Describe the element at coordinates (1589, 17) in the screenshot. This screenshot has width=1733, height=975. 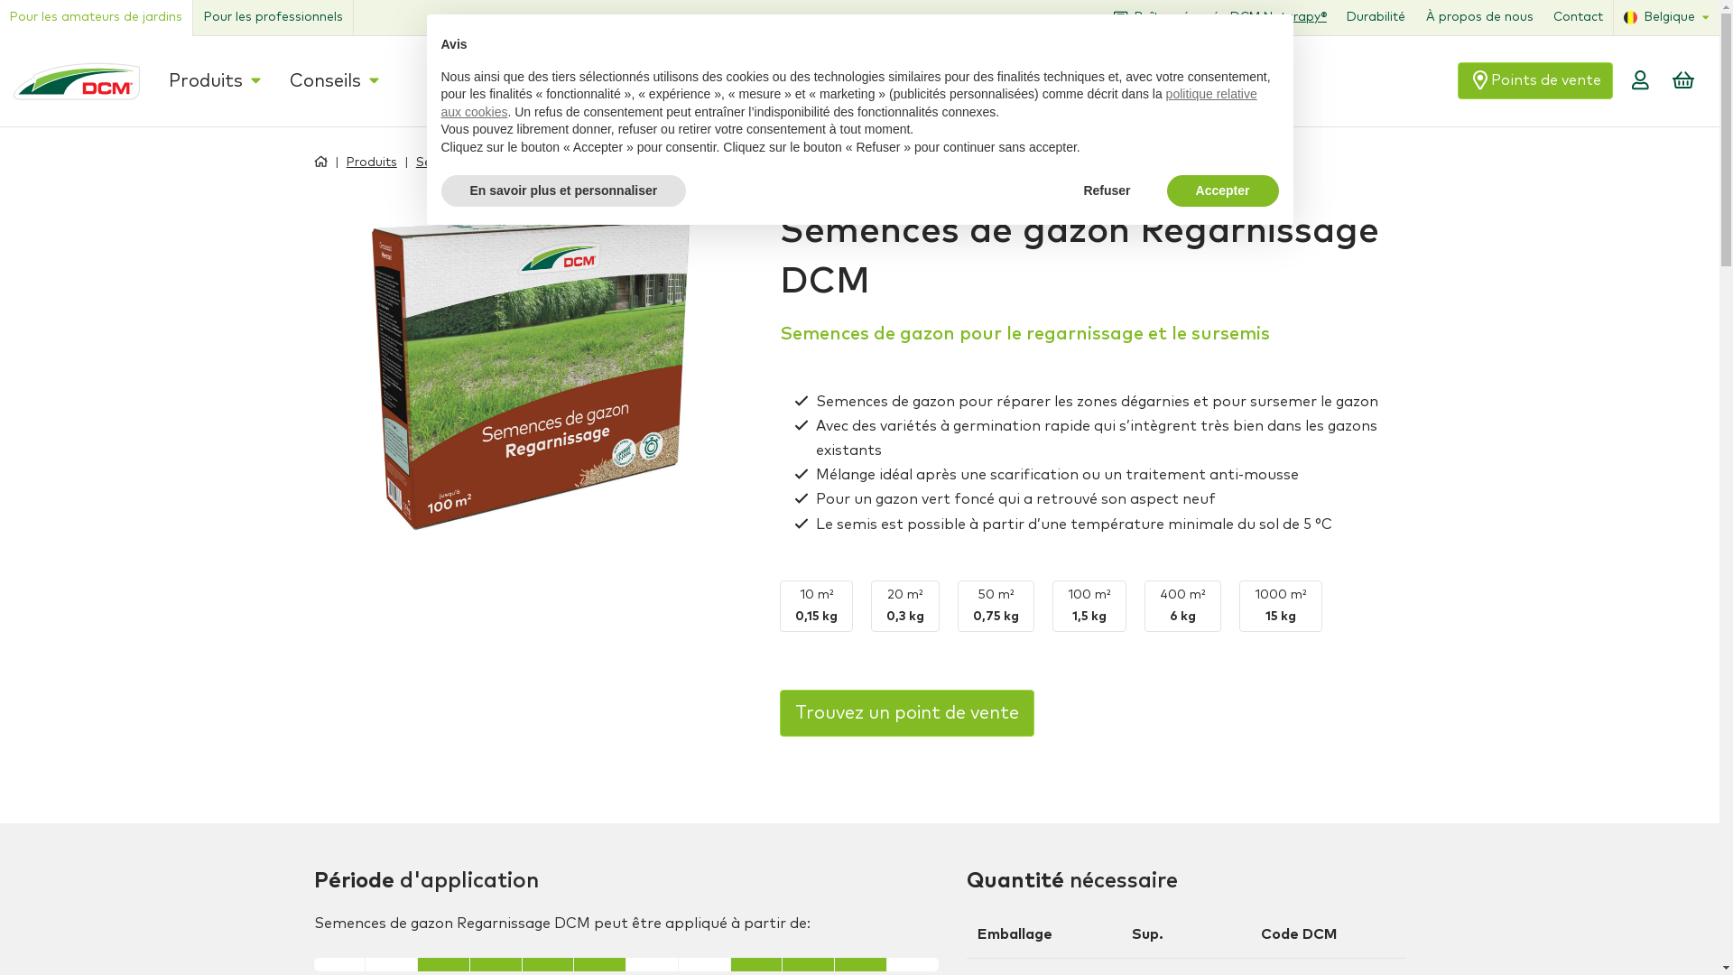
I see `'Contact'` at that location.